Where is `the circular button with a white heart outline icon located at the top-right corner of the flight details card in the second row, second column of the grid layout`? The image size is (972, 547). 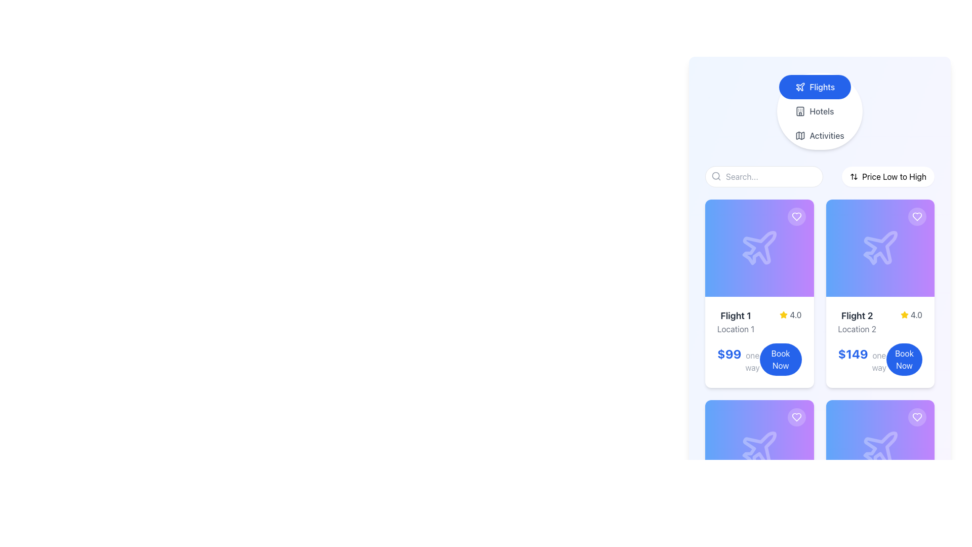
the circular button with a white heart outline icon located at the top-right corner of the flight details card in the second row, second column of the grid layout is located at coordinates (917, 417).